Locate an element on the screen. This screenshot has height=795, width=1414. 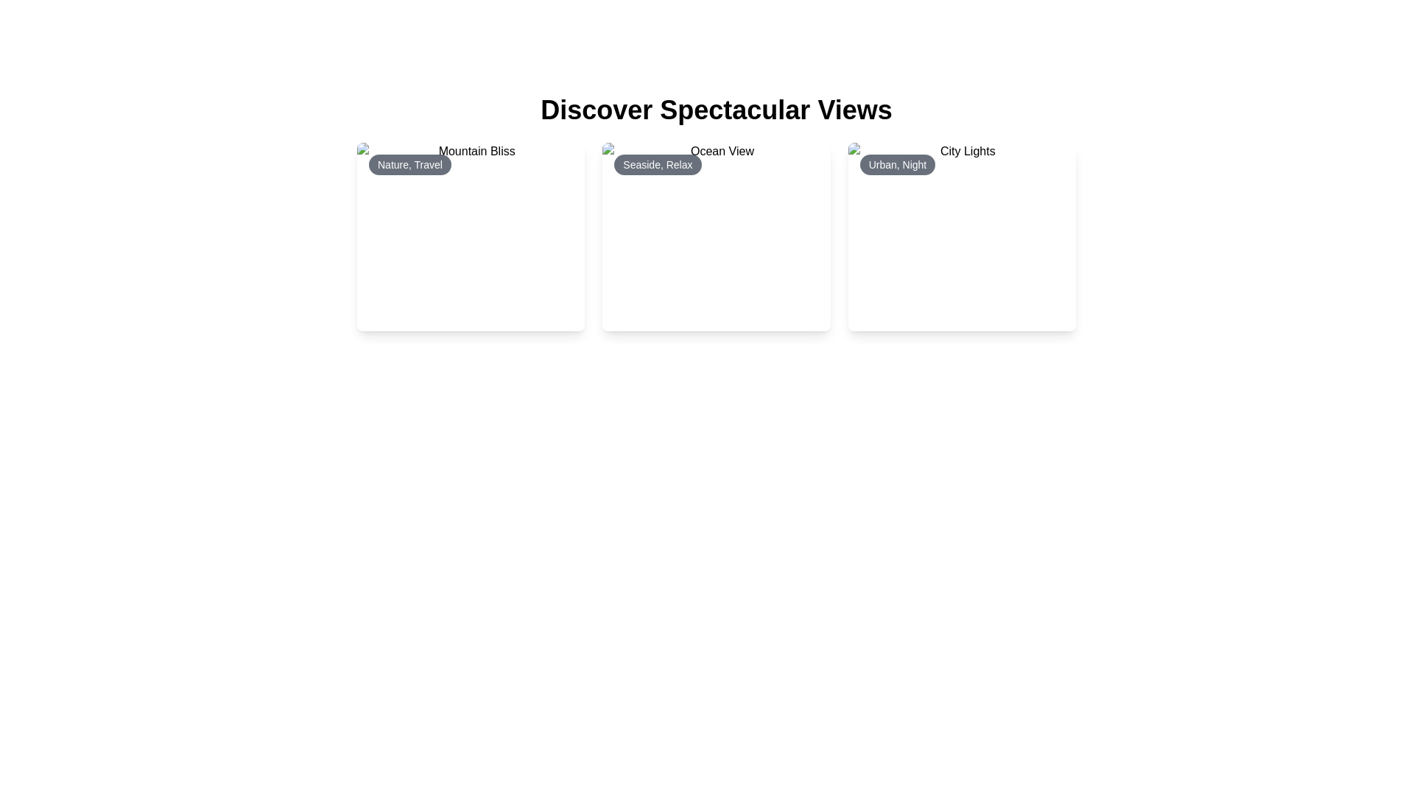
the label that categorizes or adds context to the associated content 'Ocean View', located near the top-left corner of the contained image is located at coordinates (657, 164).